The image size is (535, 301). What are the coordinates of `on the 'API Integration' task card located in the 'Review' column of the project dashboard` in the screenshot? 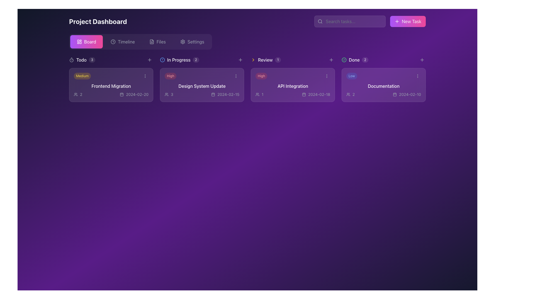 It's located at (293, 85).